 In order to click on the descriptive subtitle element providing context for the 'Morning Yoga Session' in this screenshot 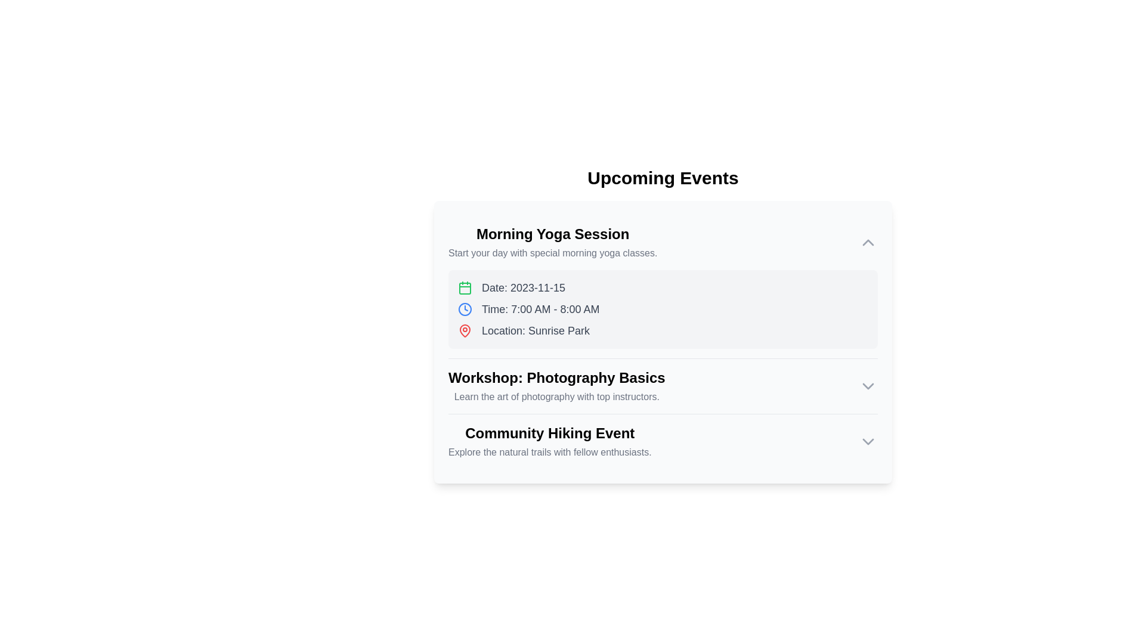, I will do `click(552, 252)`.